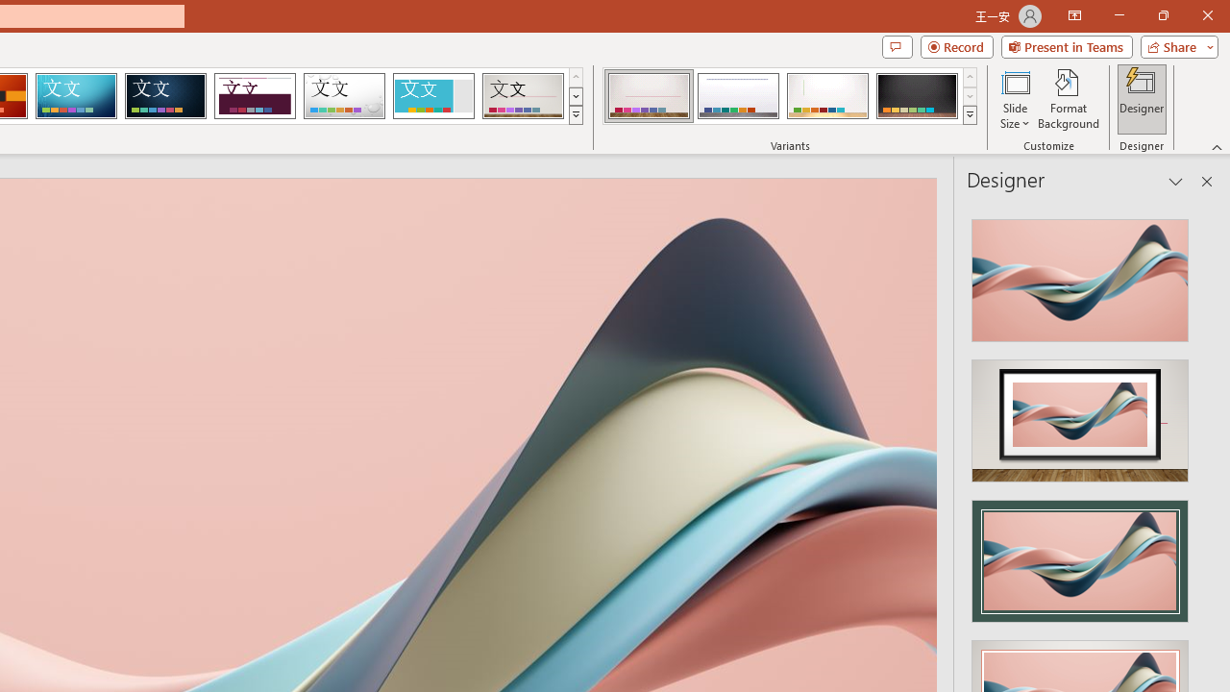  I want to click on 'Variants', so click(970, 115).